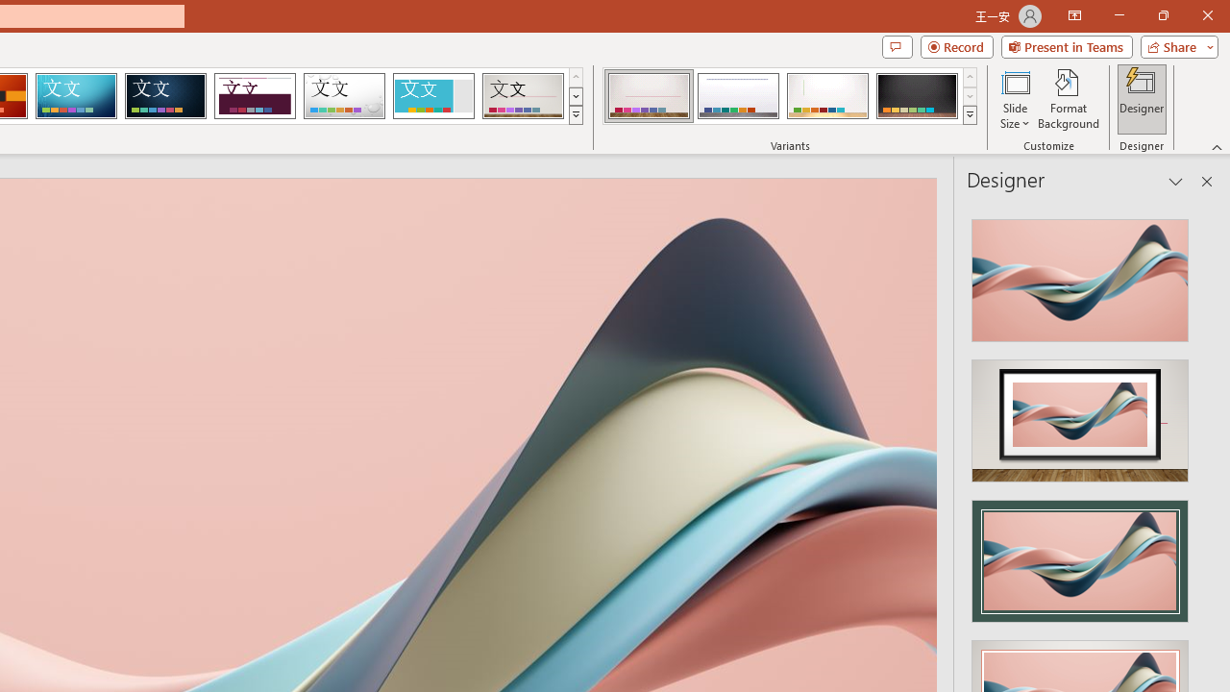  I want to click on 'Variants', so click(970, 115).